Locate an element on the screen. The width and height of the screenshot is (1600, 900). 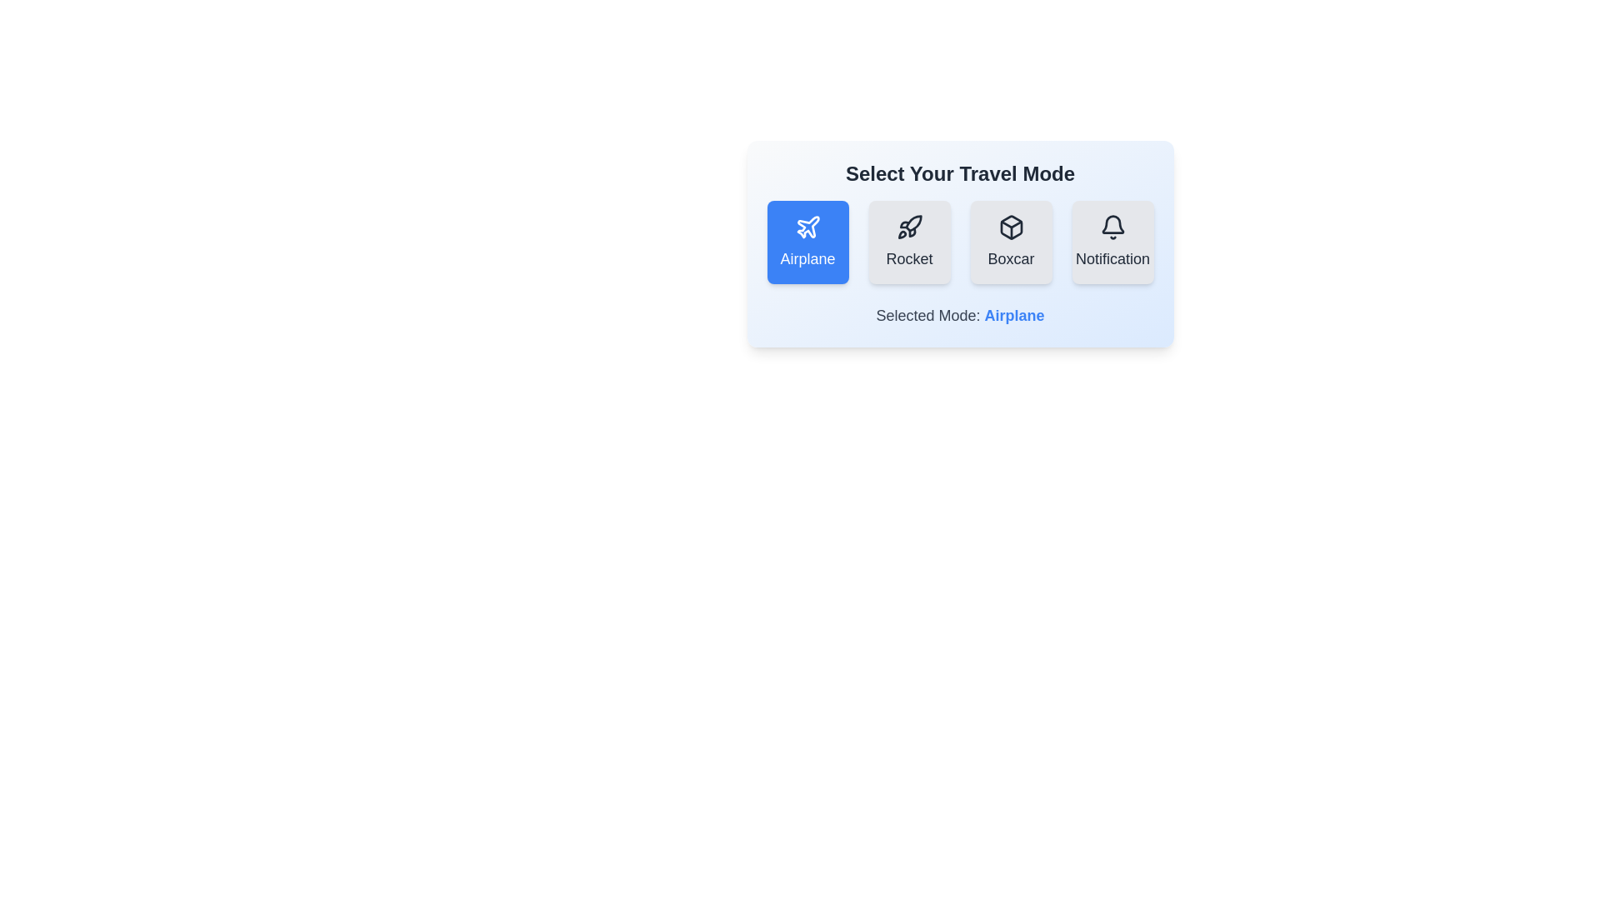
the button corresponding to the travel mode Rocket is located at coordinates (908, 242).